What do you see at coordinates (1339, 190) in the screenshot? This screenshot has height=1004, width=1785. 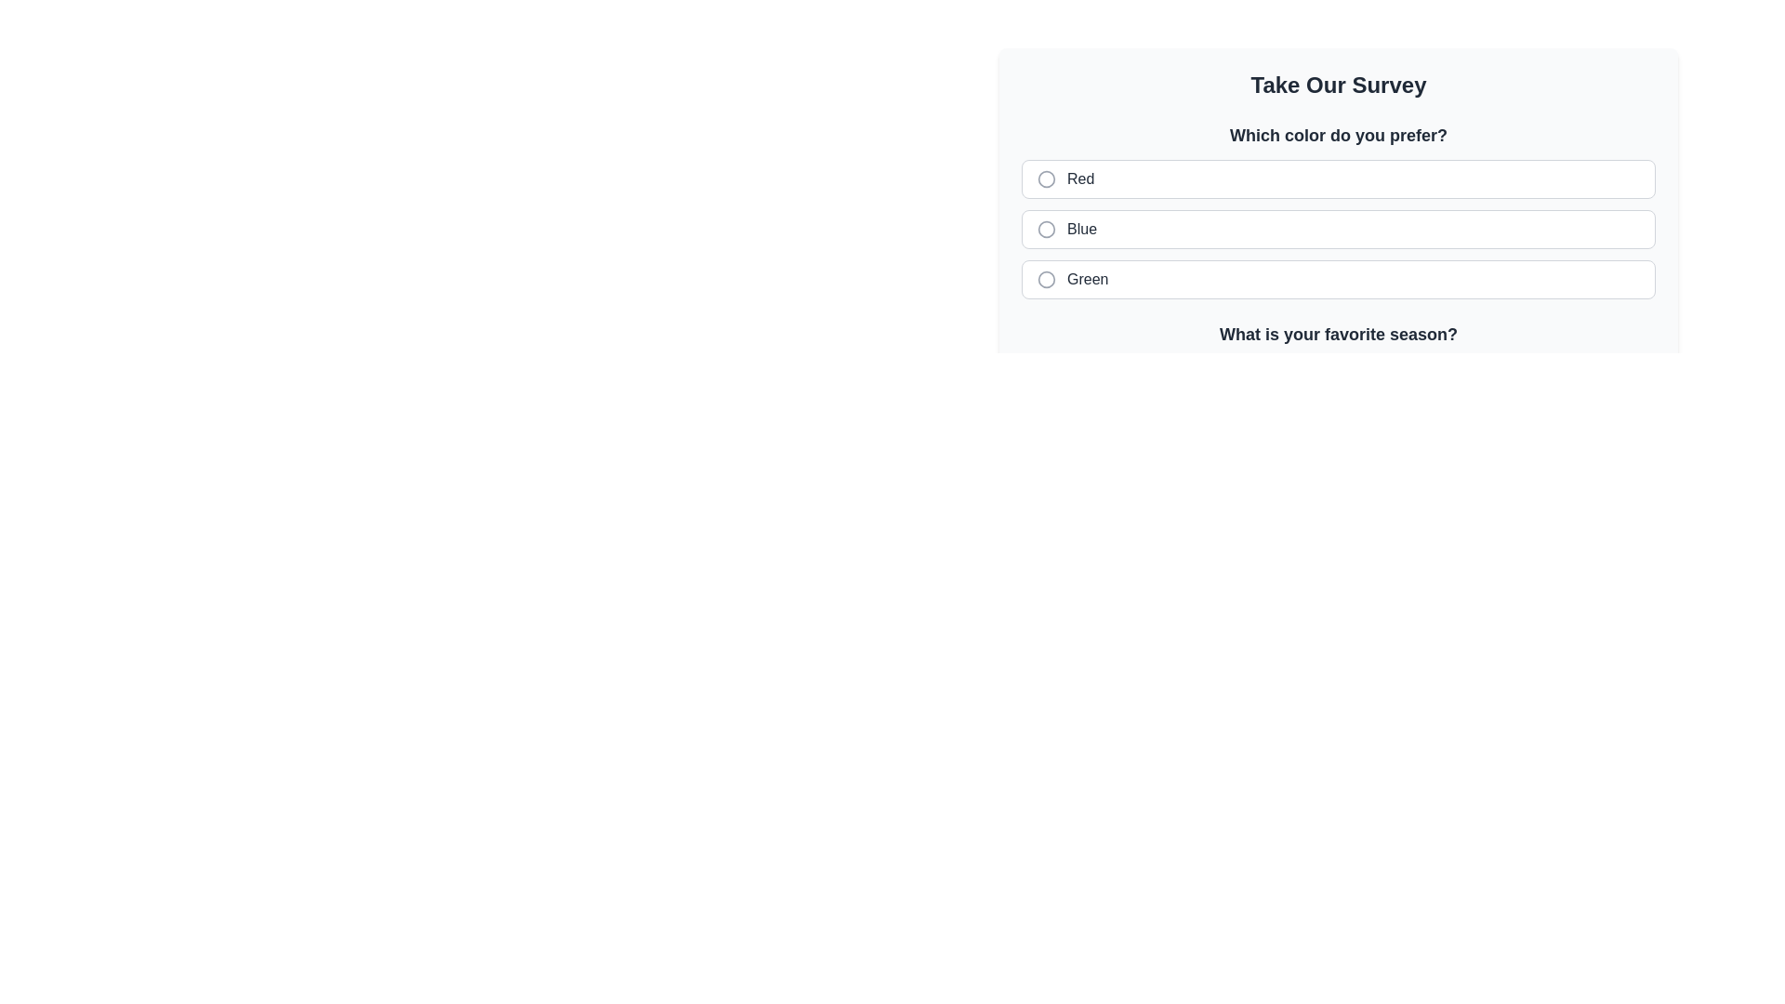 I see `the options in the interactive survey form` at bounding box center [1339, 190].